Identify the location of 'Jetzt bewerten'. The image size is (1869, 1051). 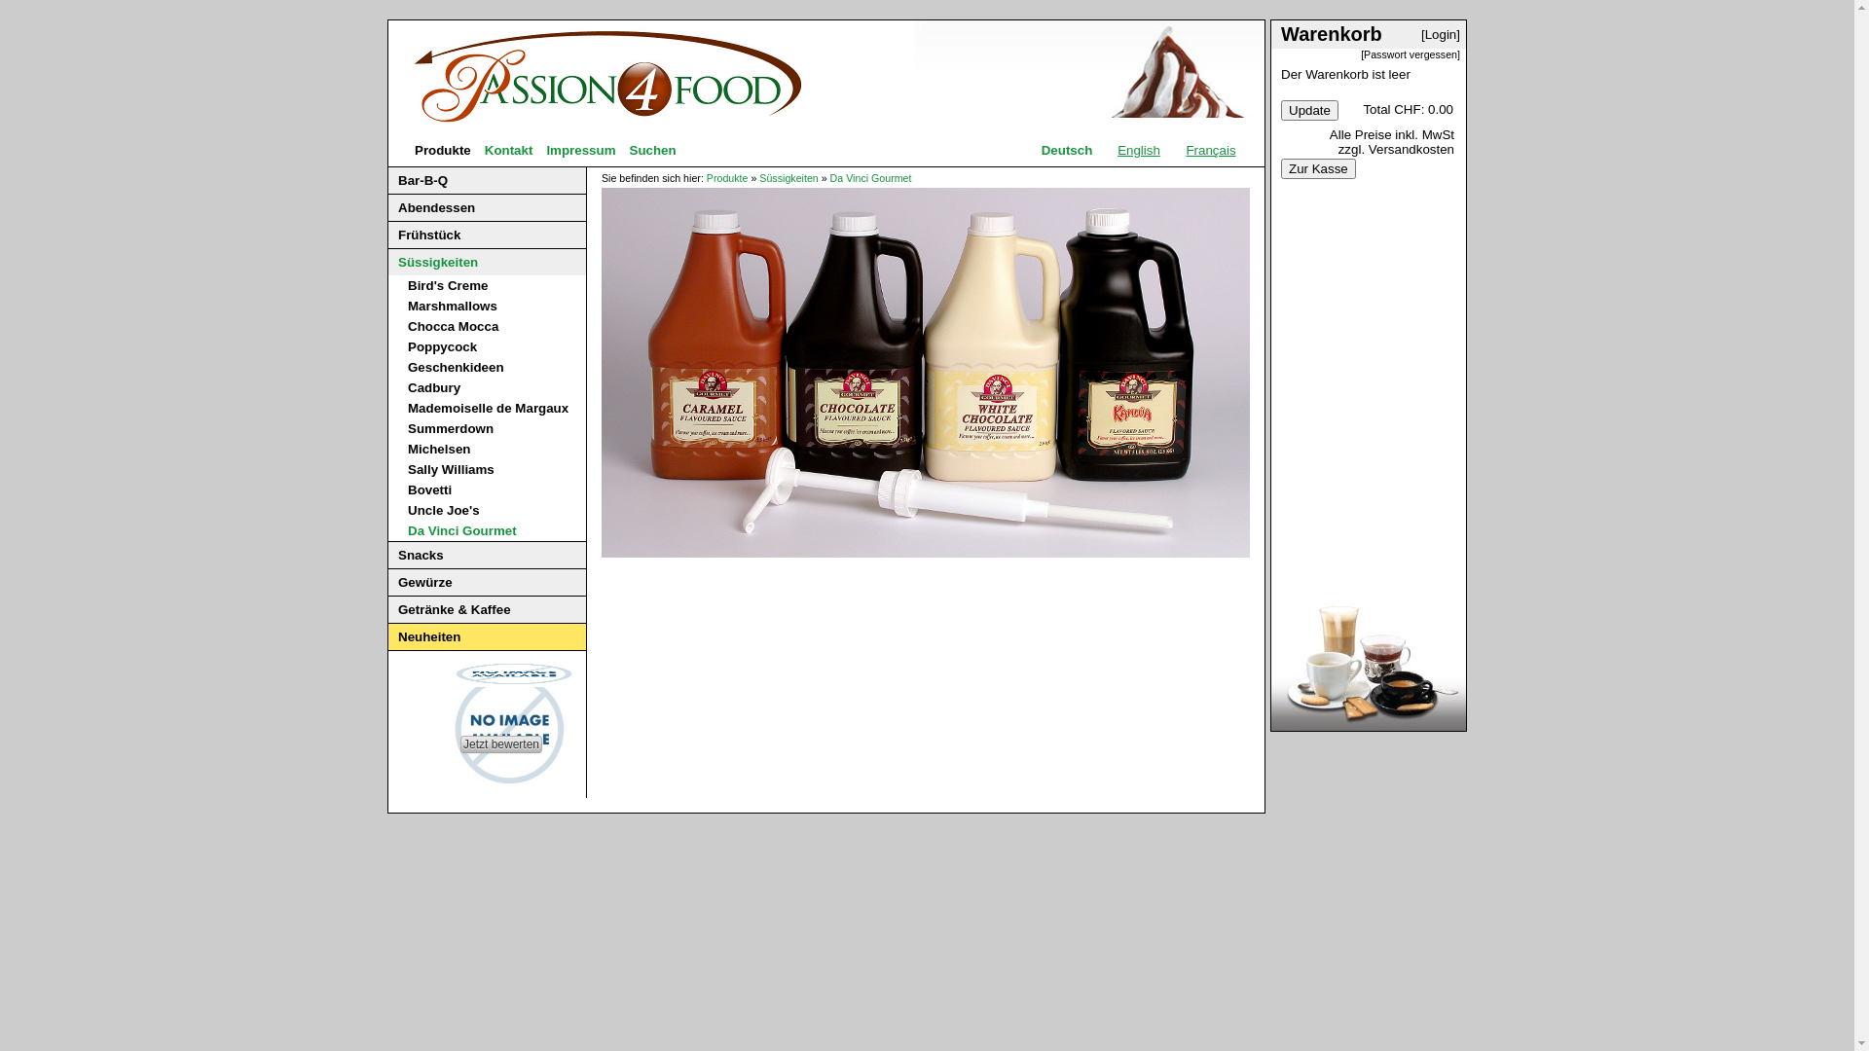
(500, 743).